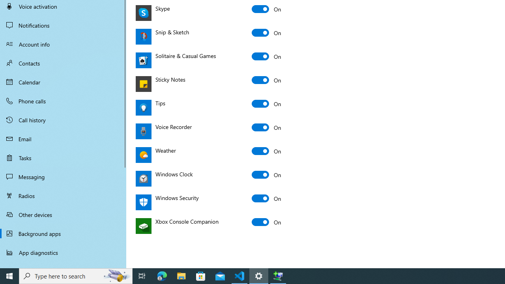 The image size is (505, 284). Describe the element at coordinates (63, 233) in the screenshot. I see `'Background apps'` at that location.